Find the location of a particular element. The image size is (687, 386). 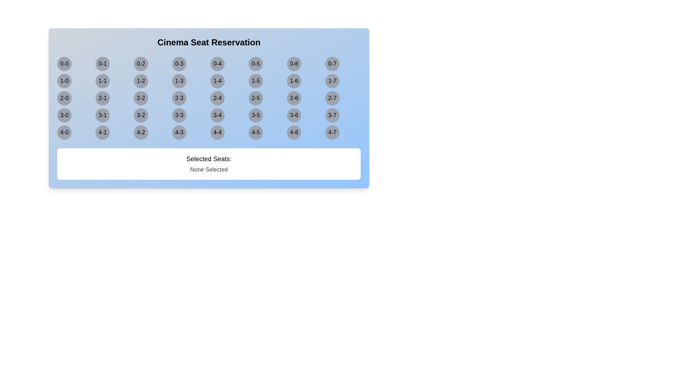

the seat selection button labeled '3-7' is located at coordinates (332, 115).